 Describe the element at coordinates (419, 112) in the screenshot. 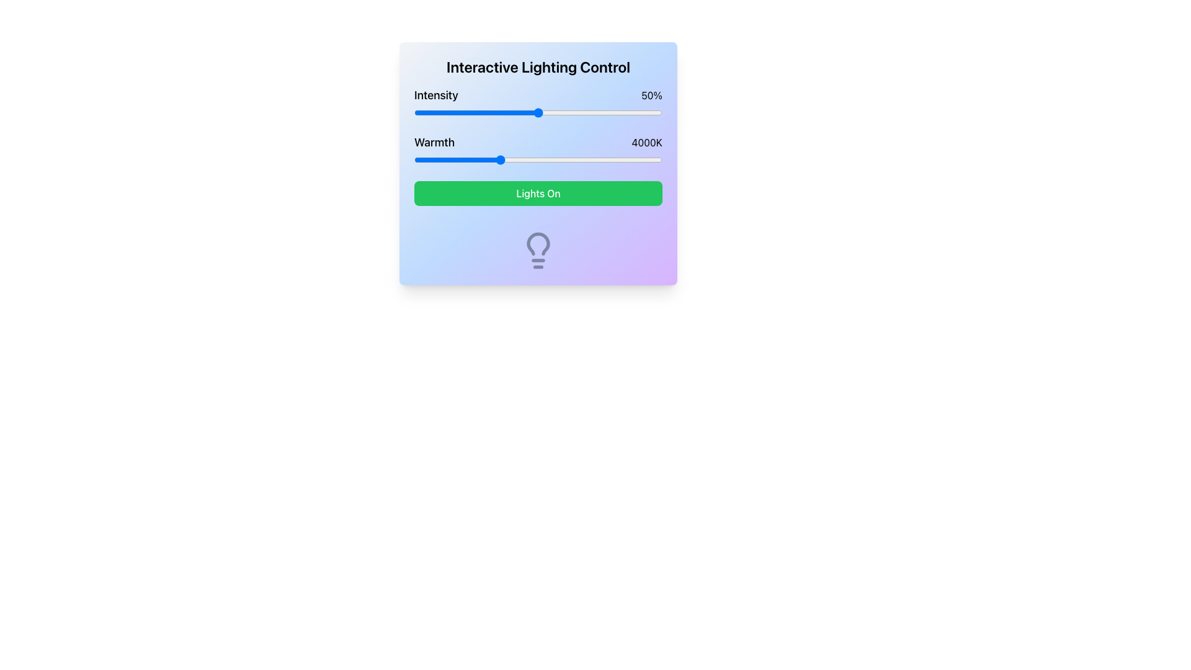

I see `the slider value` at that location.